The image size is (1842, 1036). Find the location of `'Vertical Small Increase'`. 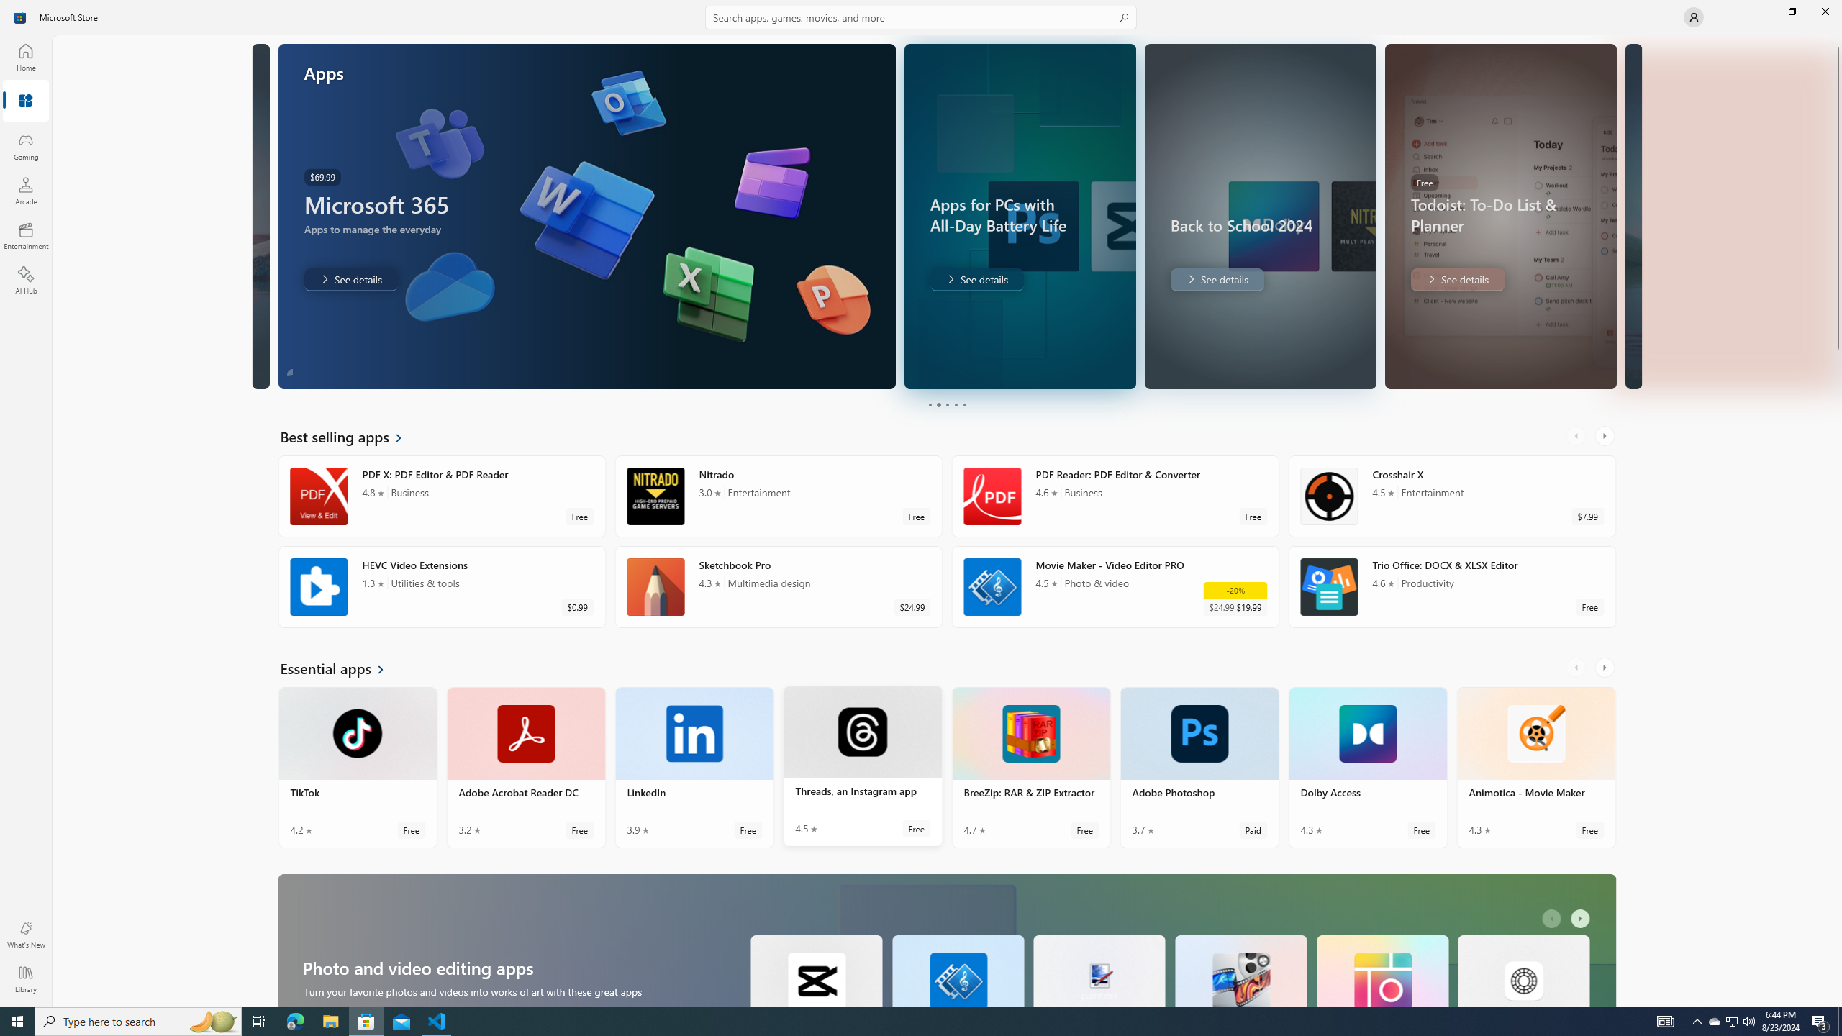

'Vertical Small Increase' is located at coordinates (1836, 1002).